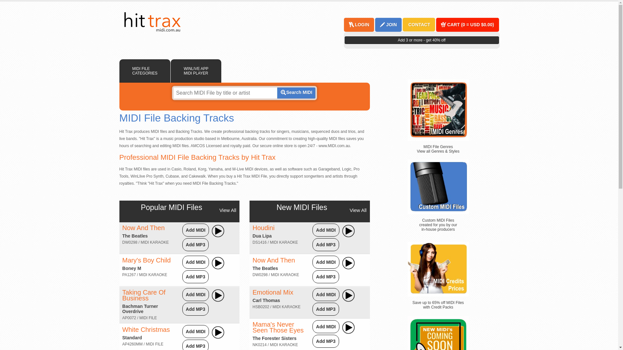 This screenshot has height=350, width=623. What do you see at coordinates (273, 292) in the screenshot?
I see `'Emotional Mix'` at bounding box center [273, 292].